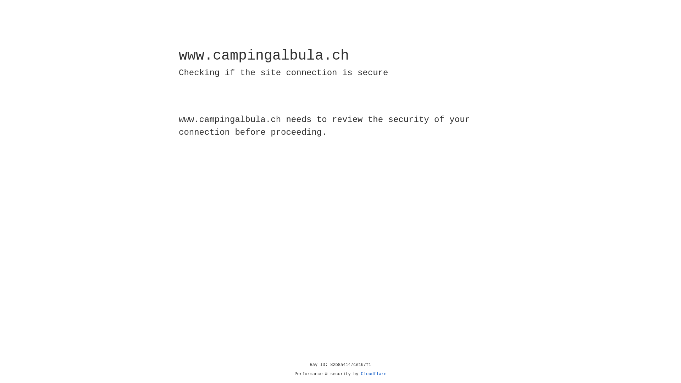 Image resolution: width=681 pixels, height=383 pixels. I want to click on 'Cloudflare', so click(361, 374).